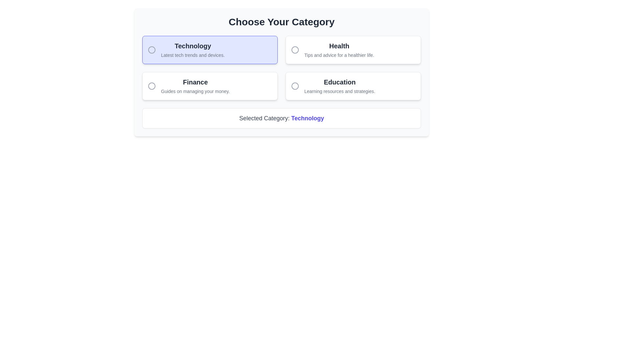 This screenshot has height=355, width=631. I want to click on the 'Education' category text within the lower-right quadrant of the card layout, so click(339, 86).